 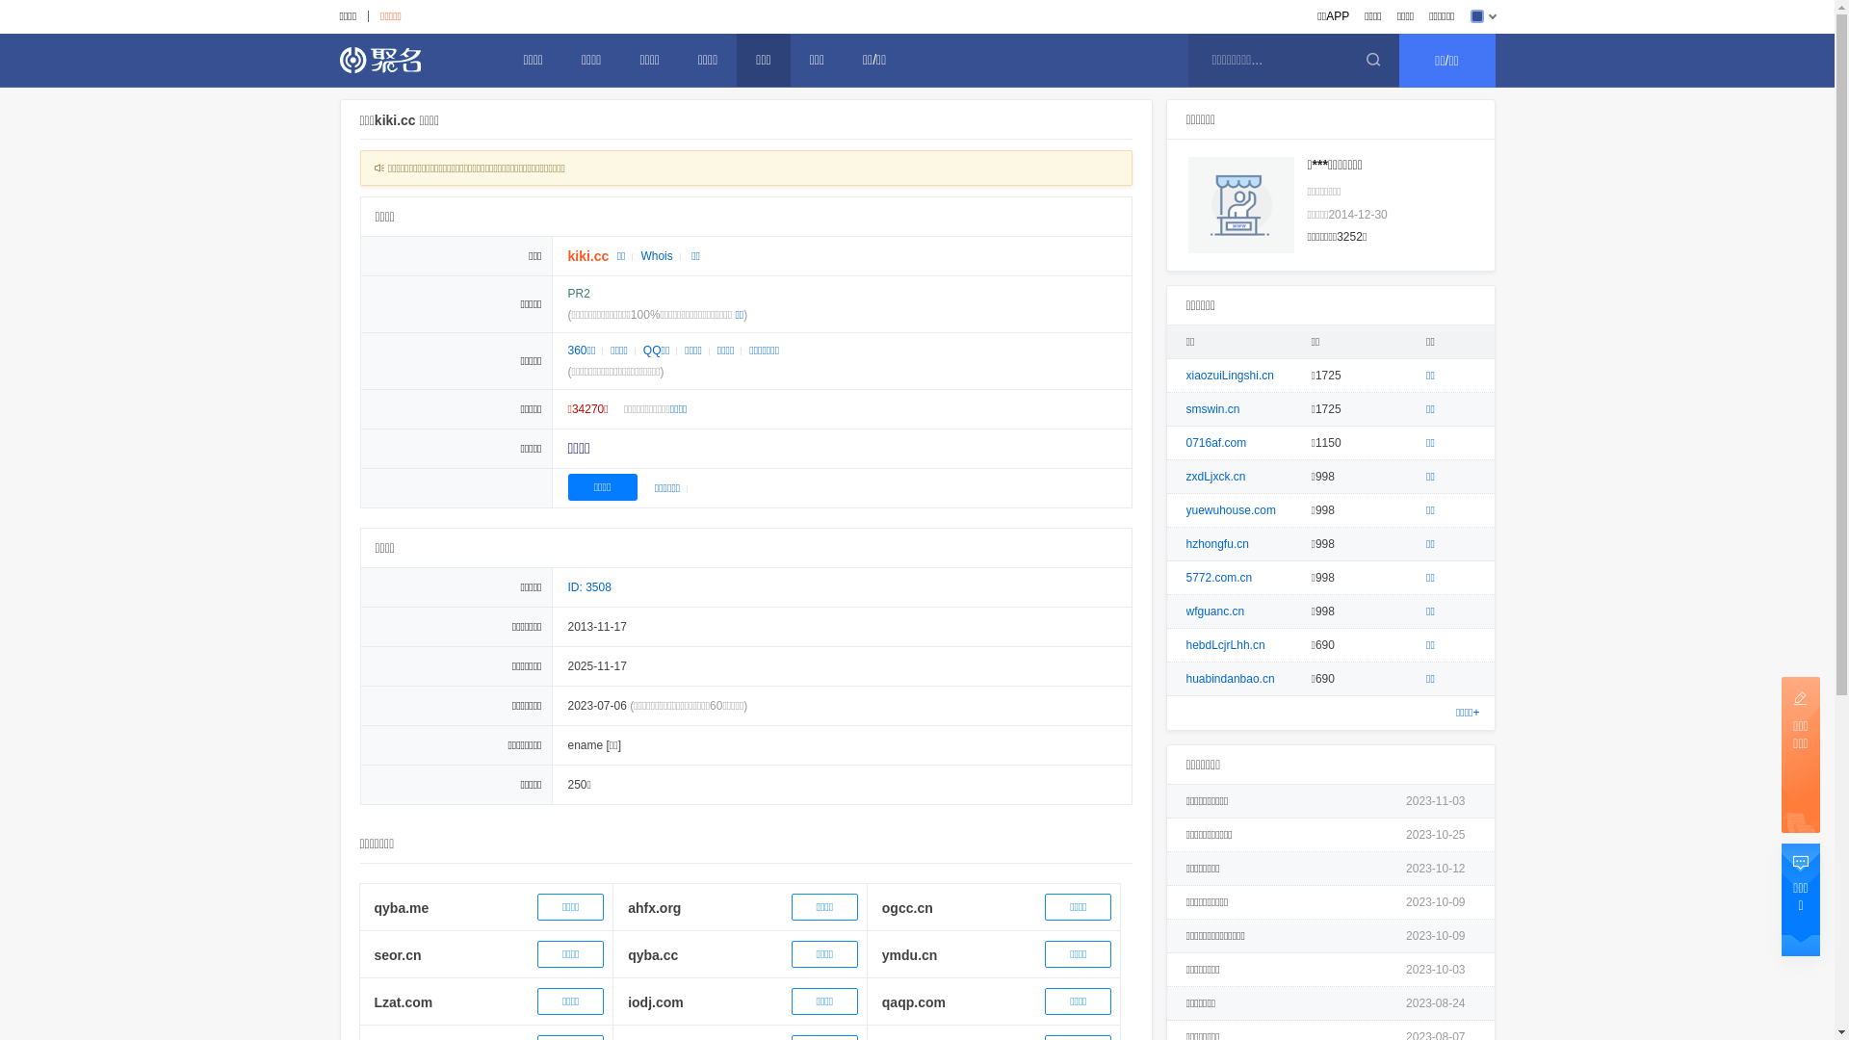 I want to click on 'zxdLjxck.cn', so click(x=1185, y=476).